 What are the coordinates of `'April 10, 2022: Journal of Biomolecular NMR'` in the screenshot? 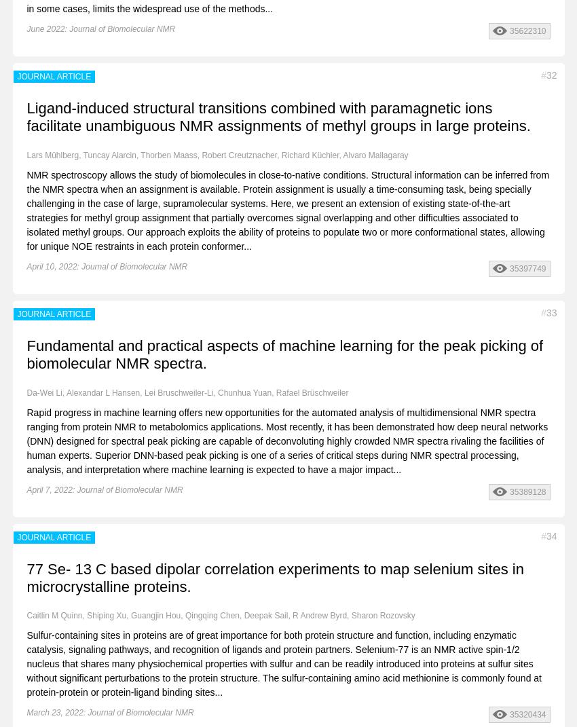 It's located at (107, 265).